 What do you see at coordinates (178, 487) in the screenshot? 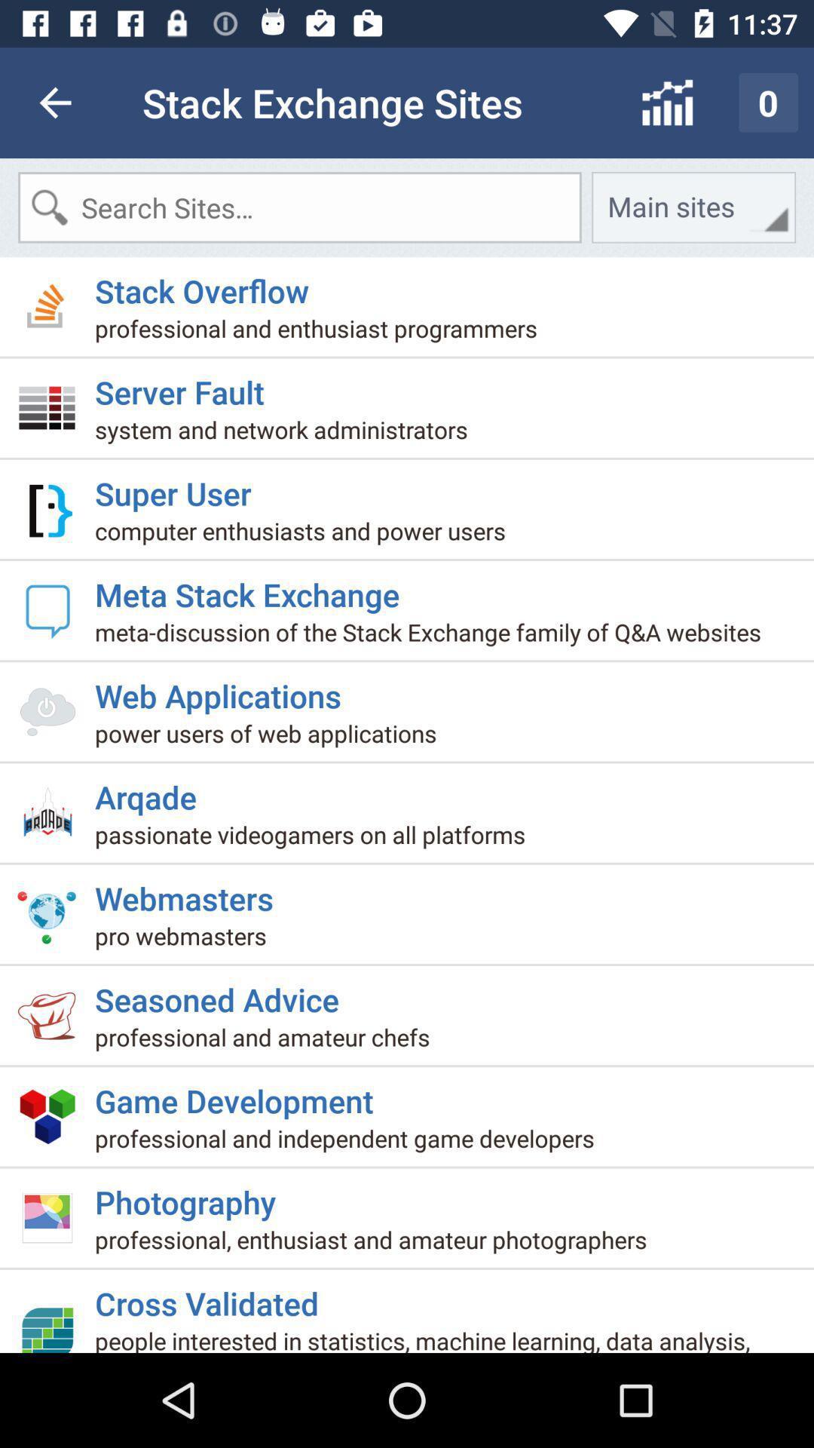
I see `icon below the system and network` at bounding box center [178, 487].